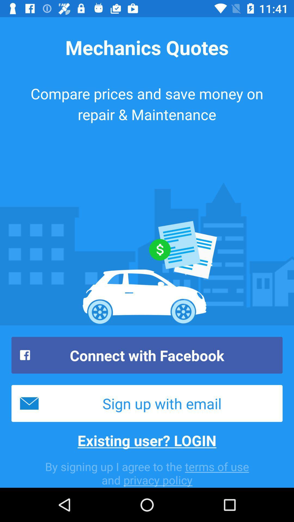  What do you see at coordinates (147, 440) in the screenshot?
I see `item below the sign up with icon` at bounding box center [147, 440].